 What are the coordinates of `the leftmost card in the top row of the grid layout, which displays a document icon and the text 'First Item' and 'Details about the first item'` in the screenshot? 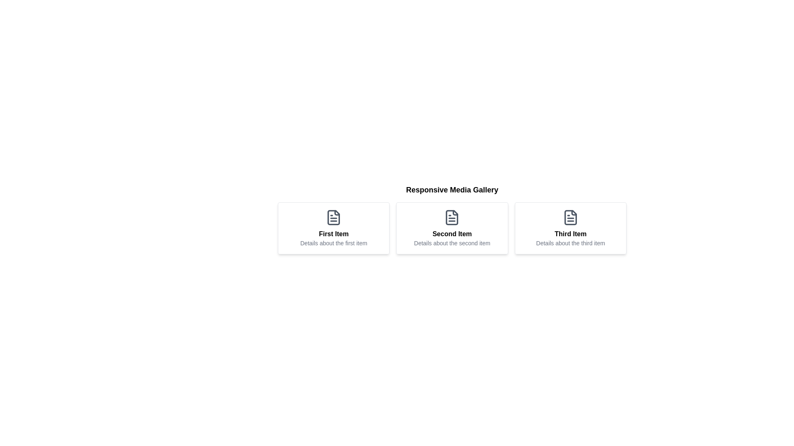 It's located at (334, 228).